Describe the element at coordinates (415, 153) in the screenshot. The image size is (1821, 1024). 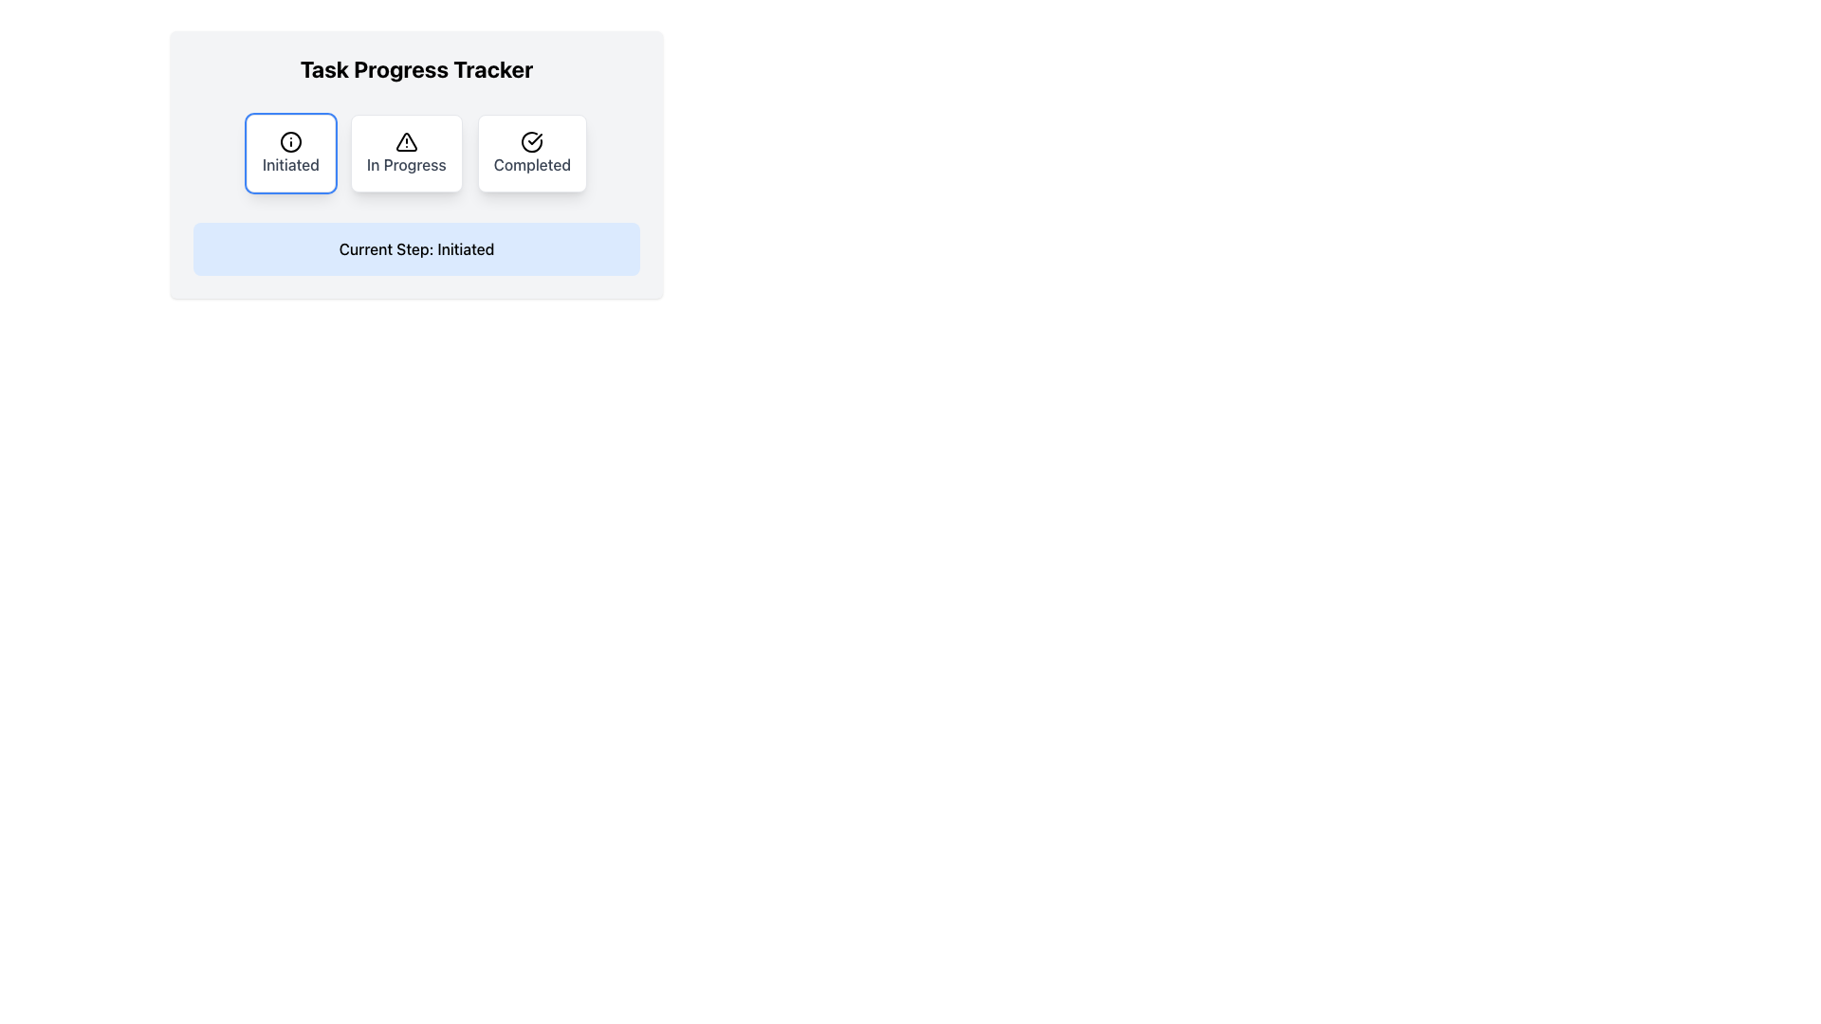
I see `the second card in the task progress tracker` at that location.